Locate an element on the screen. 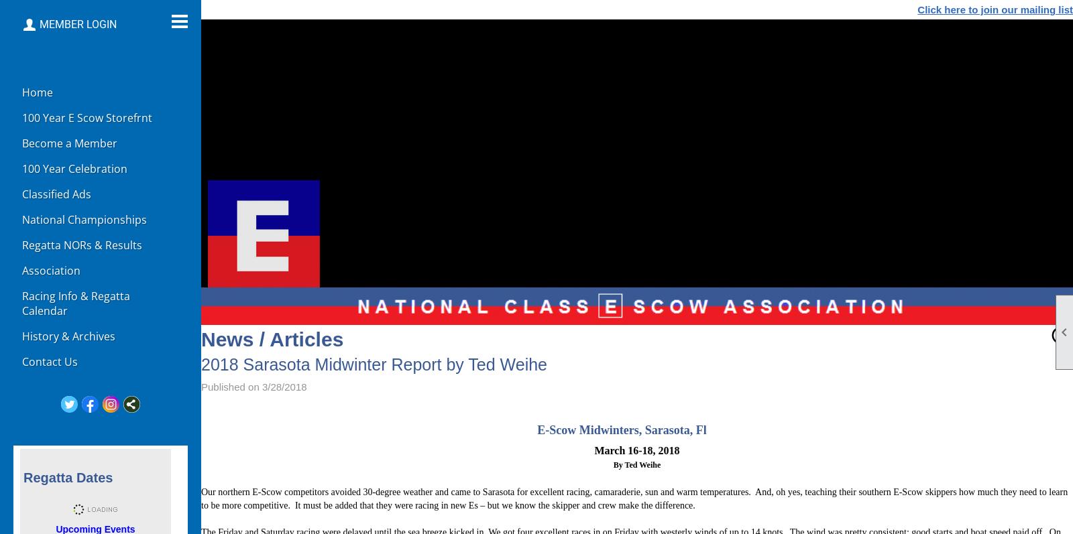 The width and height of the screenshot is (1073, 534). 'Regatta Dates' is located at coordinates (67, 477).